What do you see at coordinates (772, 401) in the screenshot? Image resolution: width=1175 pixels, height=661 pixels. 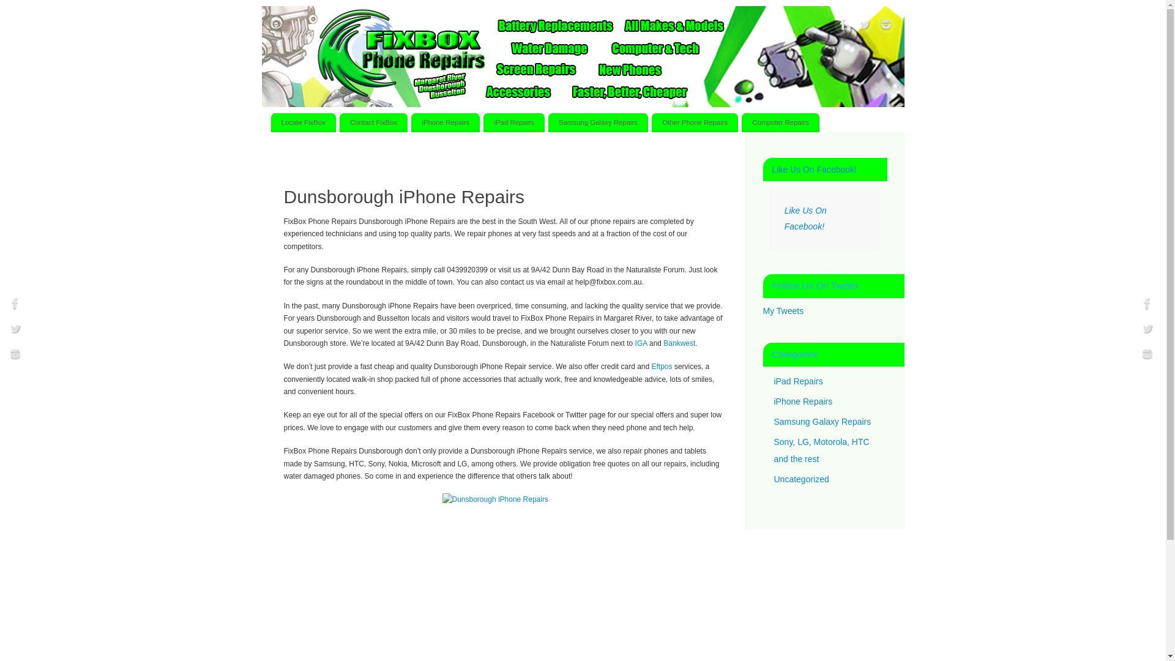 I see `'iPhone Repairs'` at bounding box center [772, 401].